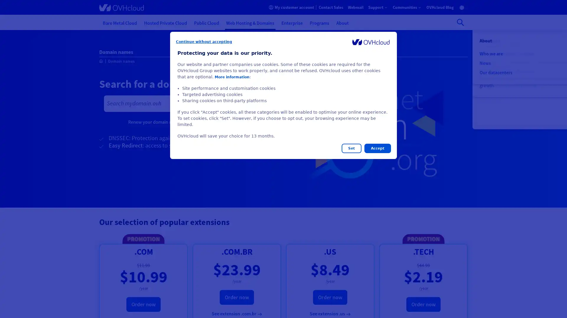 The width and height of the screenshot is (567, 318). I want to click on Search, so click(263, 103).